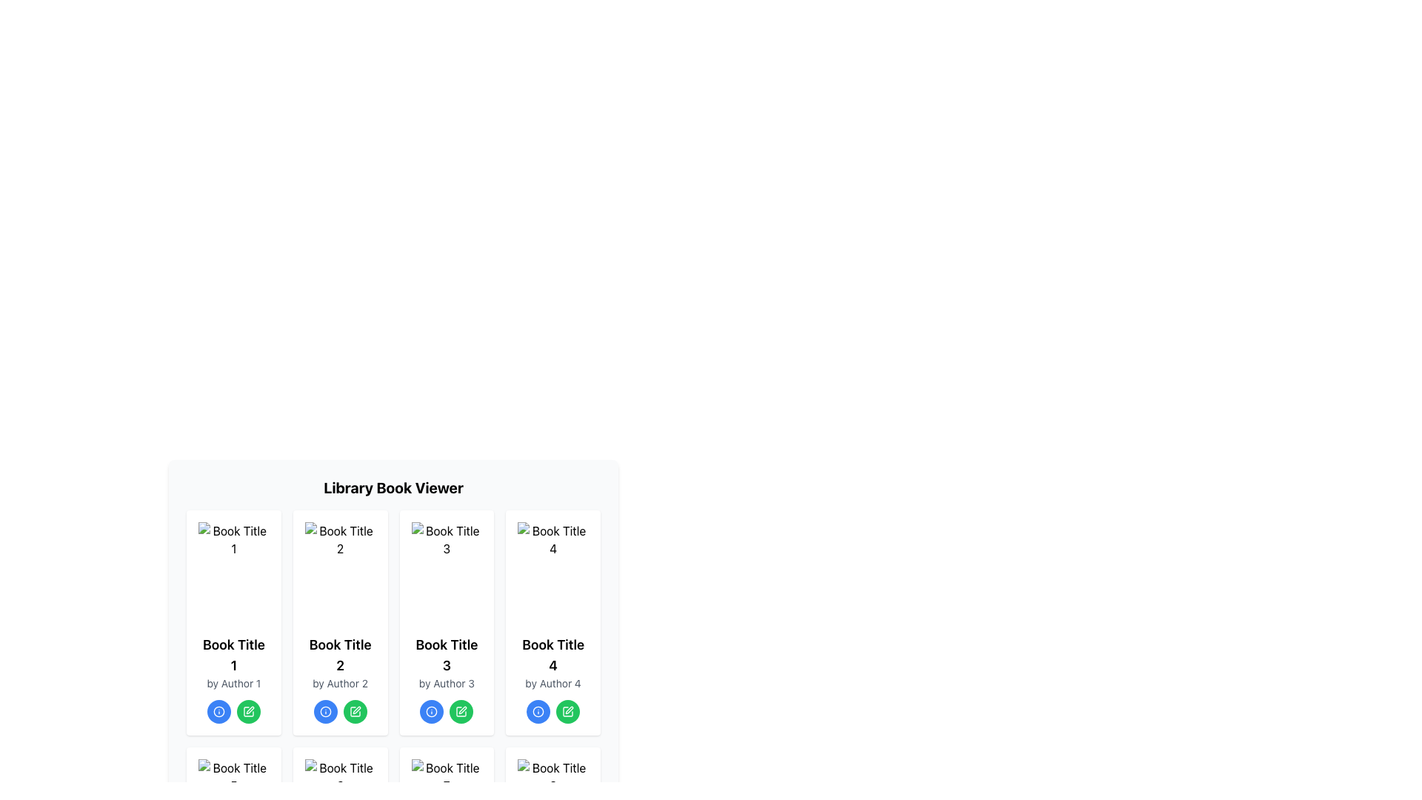  What do you see at coordinates (354, 710) in the screenshot?
I see `the green circular button containing the SVG graphic icon of a pen inside a square` at bounding box center [354, 710].